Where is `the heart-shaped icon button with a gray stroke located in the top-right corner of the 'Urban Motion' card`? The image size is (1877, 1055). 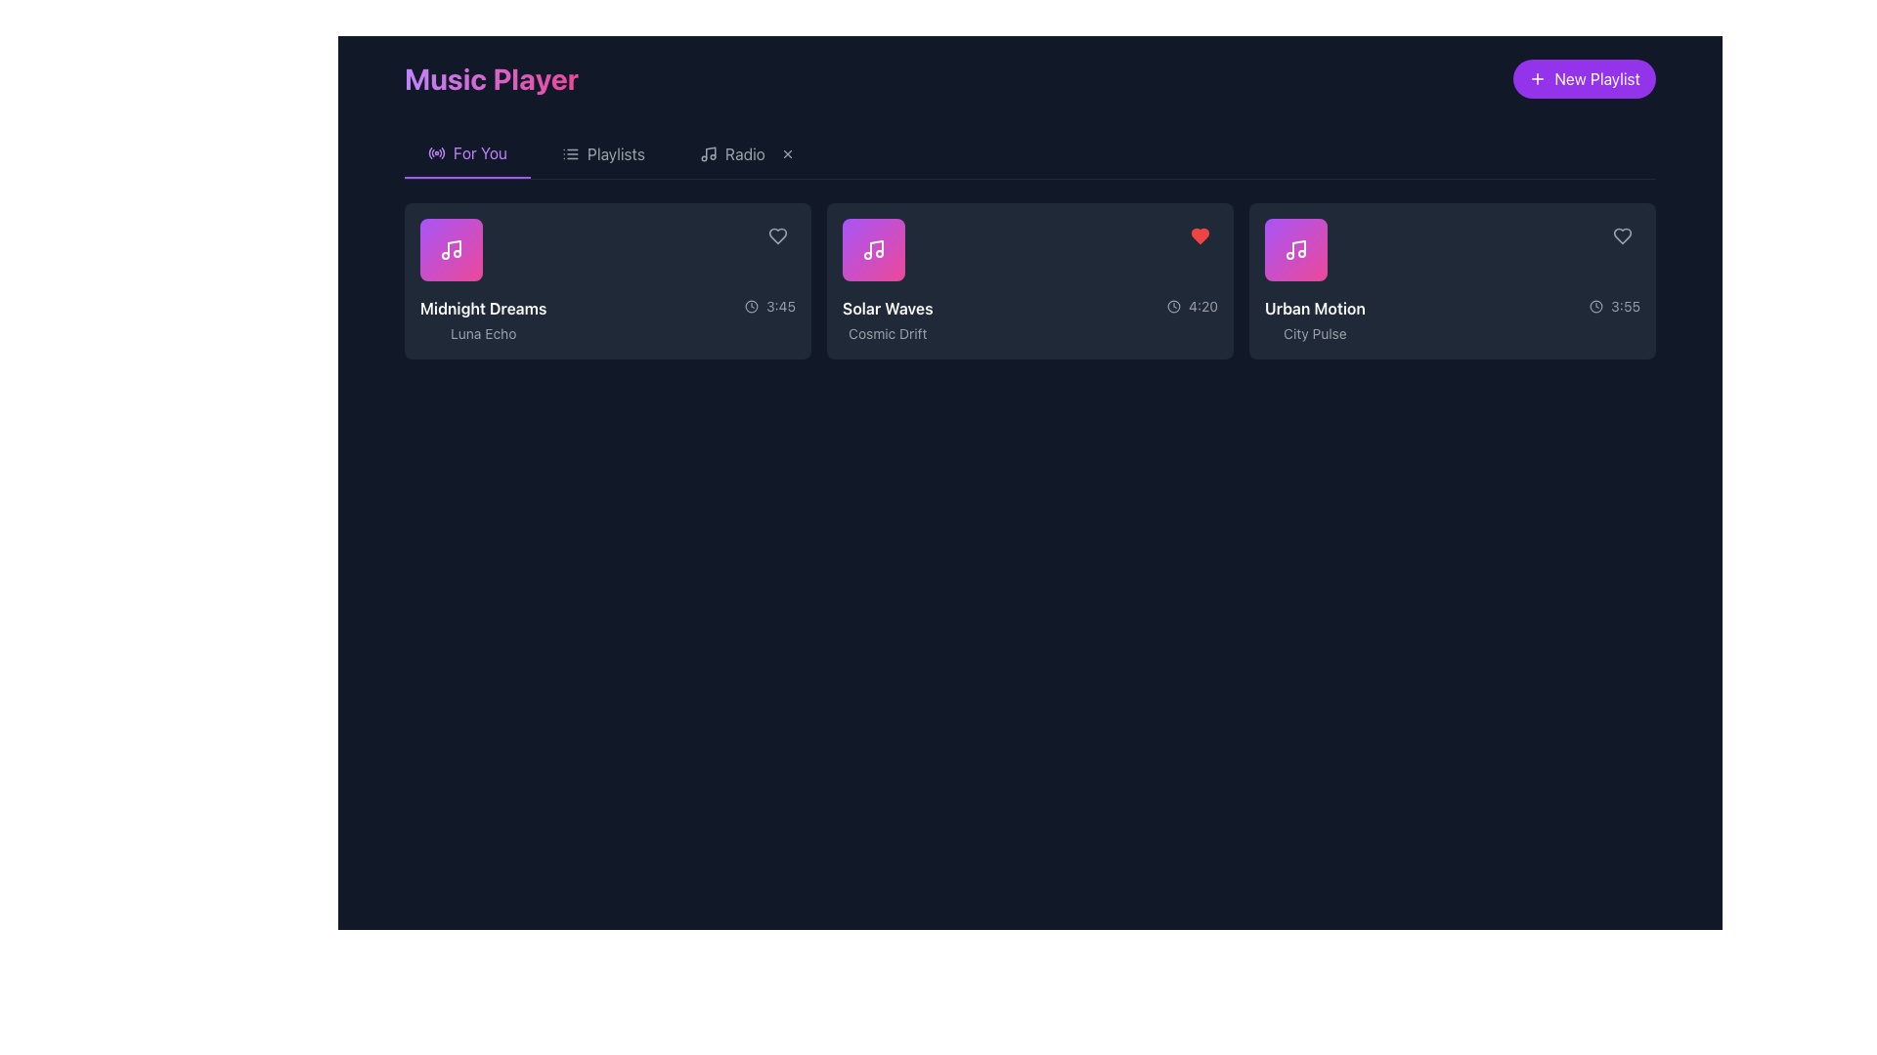
the heart-shaped icon button with a gray stroke located in the top-right corner of the 'Urban Motion' card is located at coordinates (1623, 235).